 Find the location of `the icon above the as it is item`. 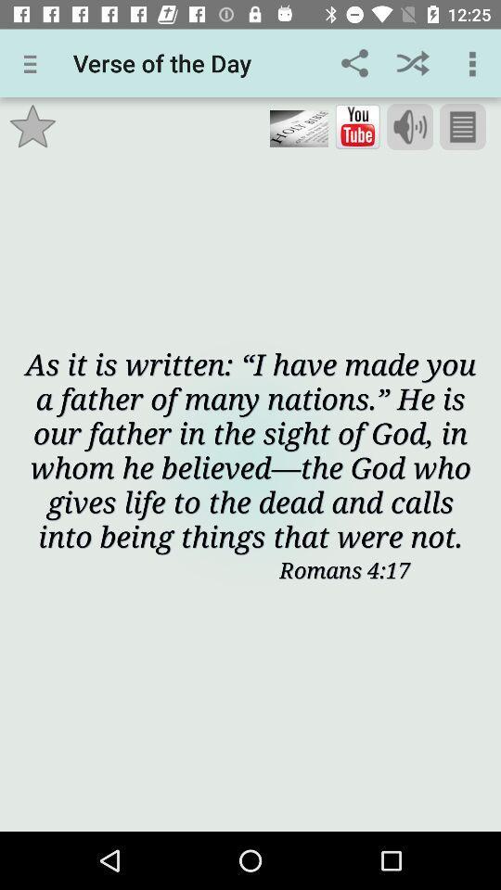

the icon above the as it is item is located at coordinates (299, 127).